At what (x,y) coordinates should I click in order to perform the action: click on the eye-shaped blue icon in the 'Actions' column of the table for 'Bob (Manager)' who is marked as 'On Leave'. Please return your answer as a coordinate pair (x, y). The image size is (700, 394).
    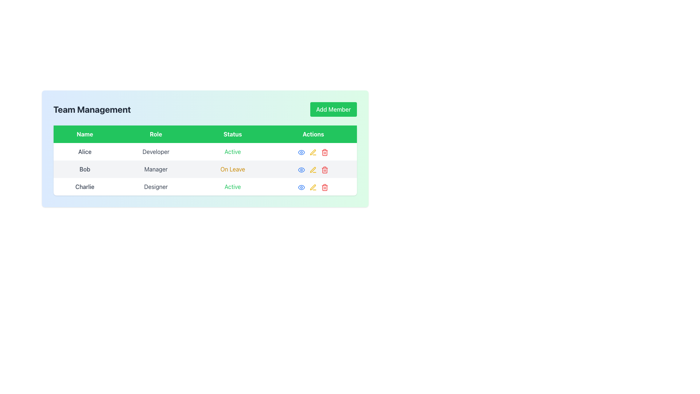
    Looking at the image, I should click on (302, 169).